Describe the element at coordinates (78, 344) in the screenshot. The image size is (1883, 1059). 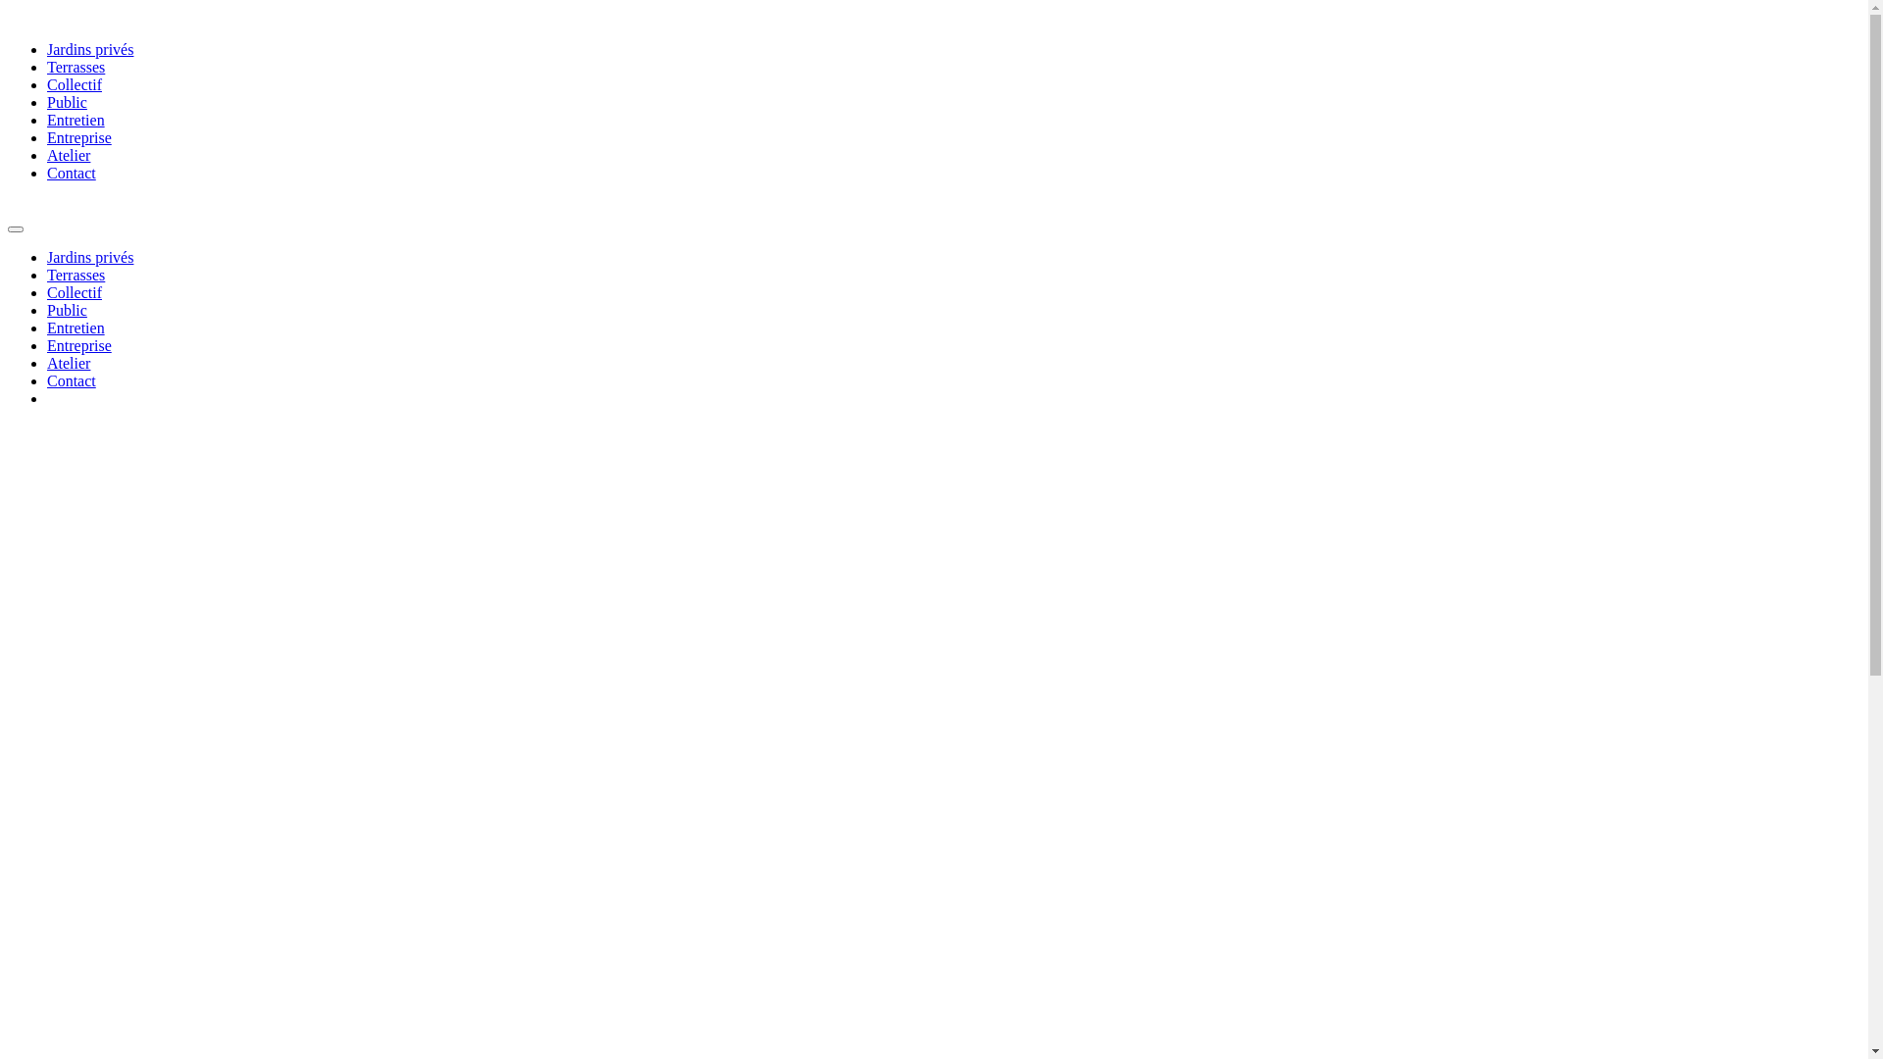
I see `'Entreprise'` at that location.